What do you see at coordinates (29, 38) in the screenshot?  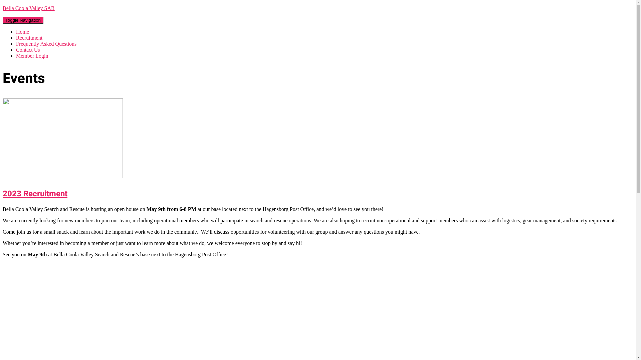 I see `'Recruitment'` at bounding box center [29, 38].